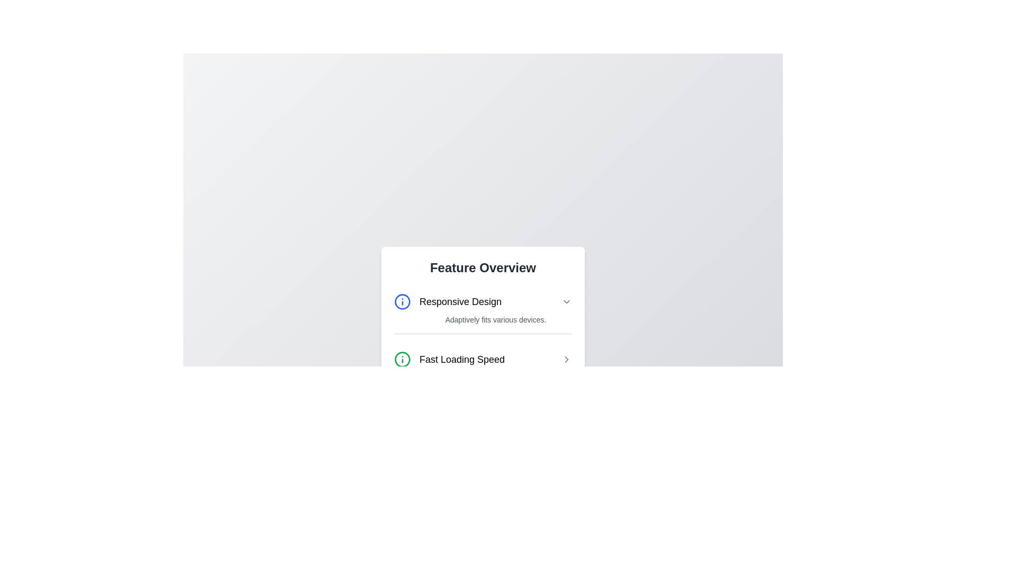  Describe the element at coordinates (483, 359) in the screenshot. I see `the list item labeled 'Fast Loading Speed'` at that location.